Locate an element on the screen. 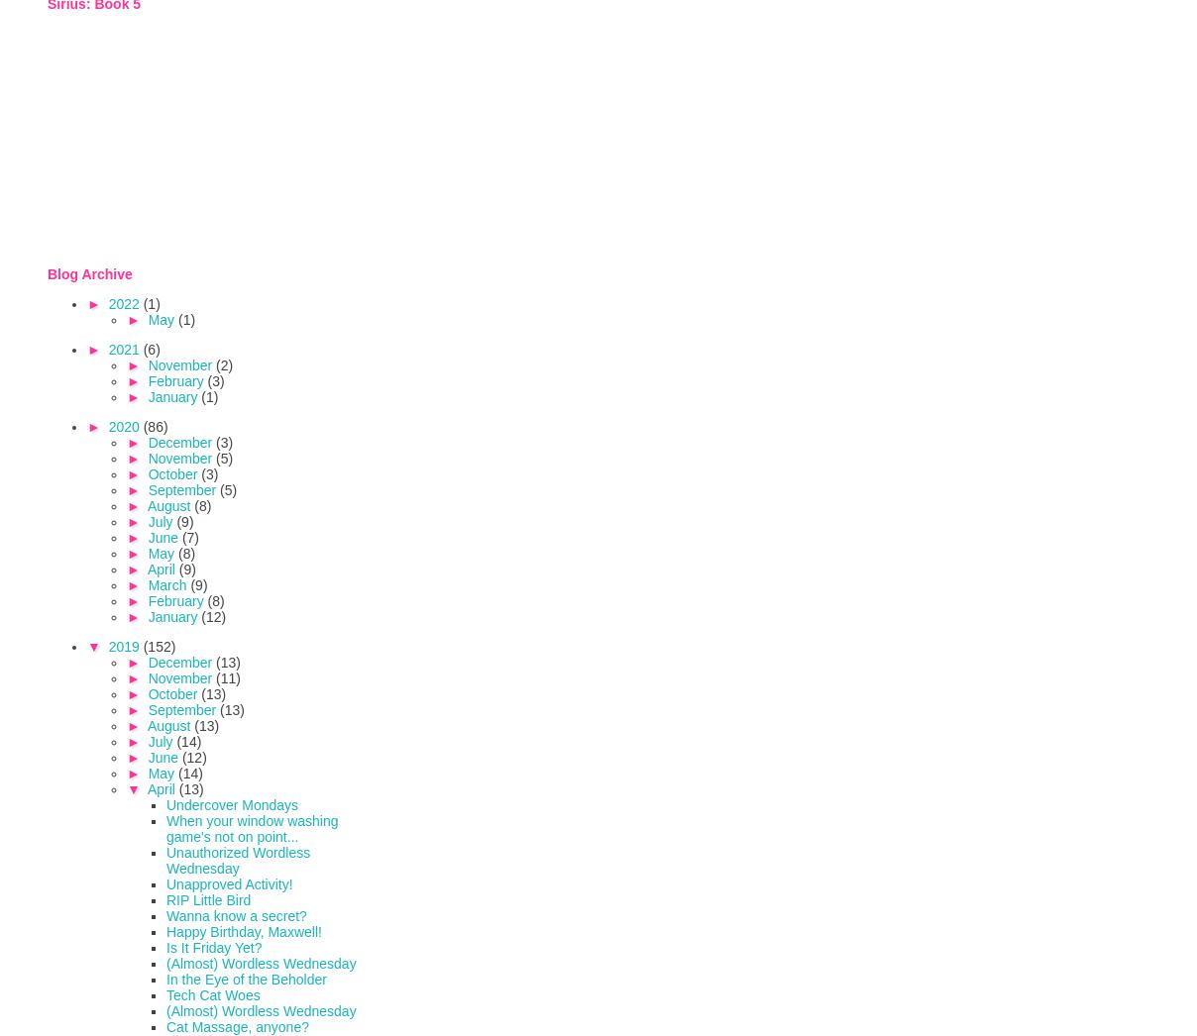 This screenshot has width=1197, height=1036. 'Unauthorized Wordless Wednesday' is located at coordinates (238, 858).